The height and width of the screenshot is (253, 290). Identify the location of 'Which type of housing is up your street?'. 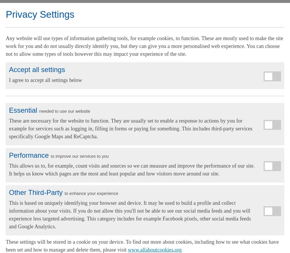
(90, 85).